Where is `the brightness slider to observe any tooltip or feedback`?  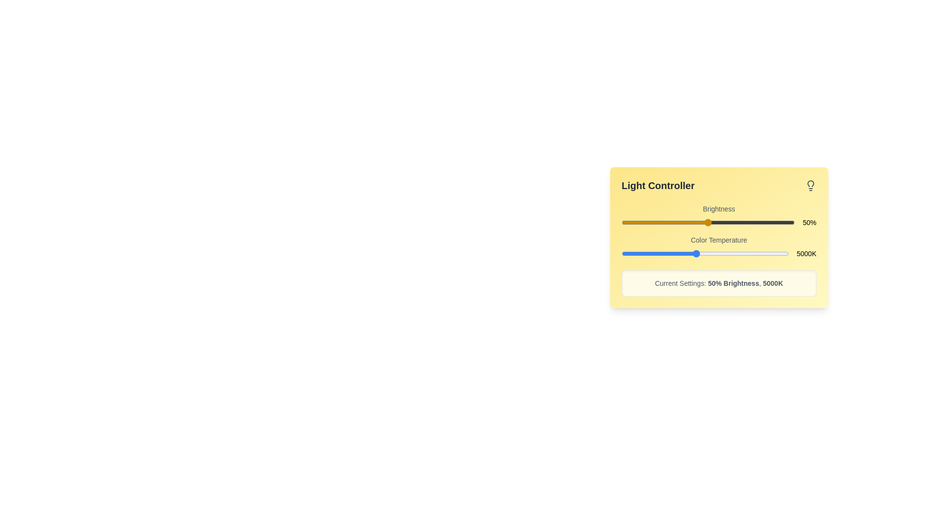 the brightness slider to observe any tooltip or feedback is located at coordinates (708, 223).